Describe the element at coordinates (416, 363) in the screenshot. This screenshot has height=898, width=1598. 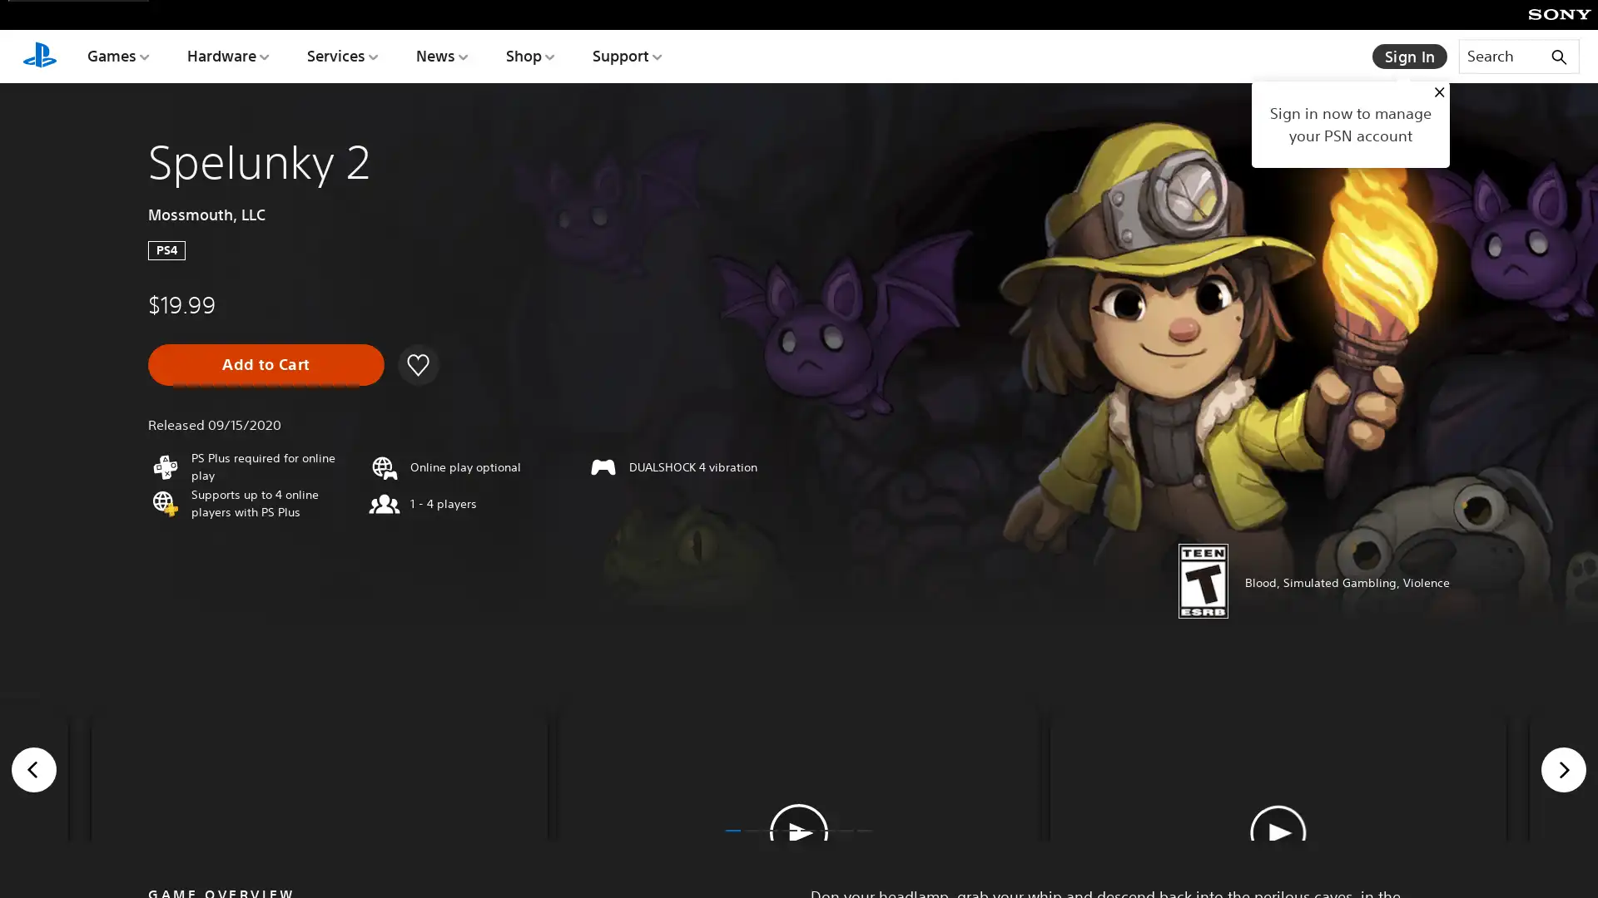
I see `Add to Wishlist` at that location.